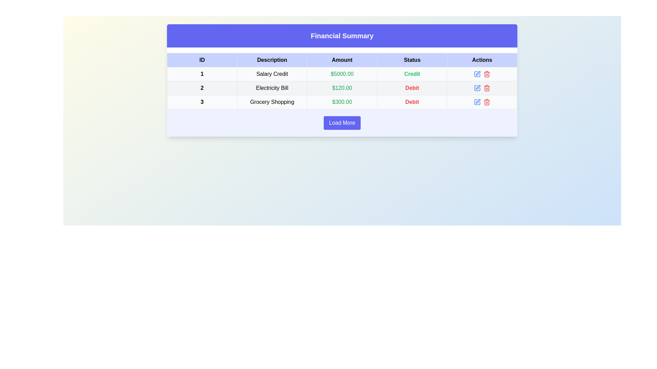 This screenshot has width=657, height=369. Describe the element at coordinates (342, 88) in the screenshot. I see `the static text displaying the amount of $120.00 in the 'Amount' column of the second row in the table, which is relevant to the Electricity Bill entry` at that location.